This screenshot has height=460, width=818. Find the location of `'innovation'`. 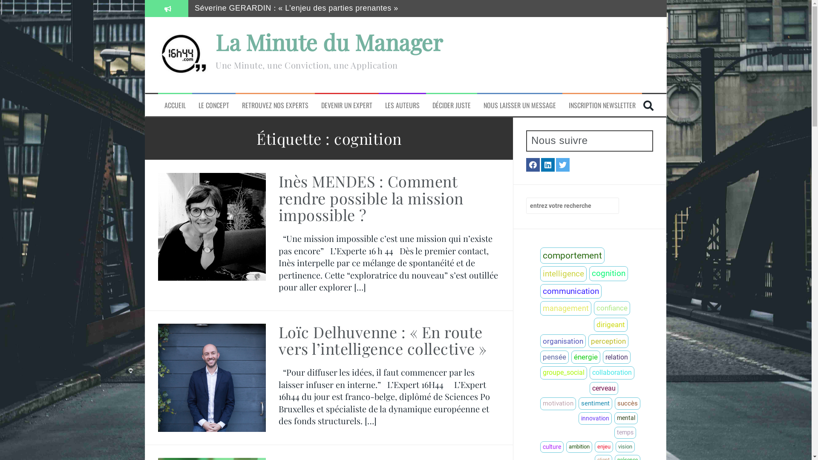

'innovation' is located at coordinates (594, 418).